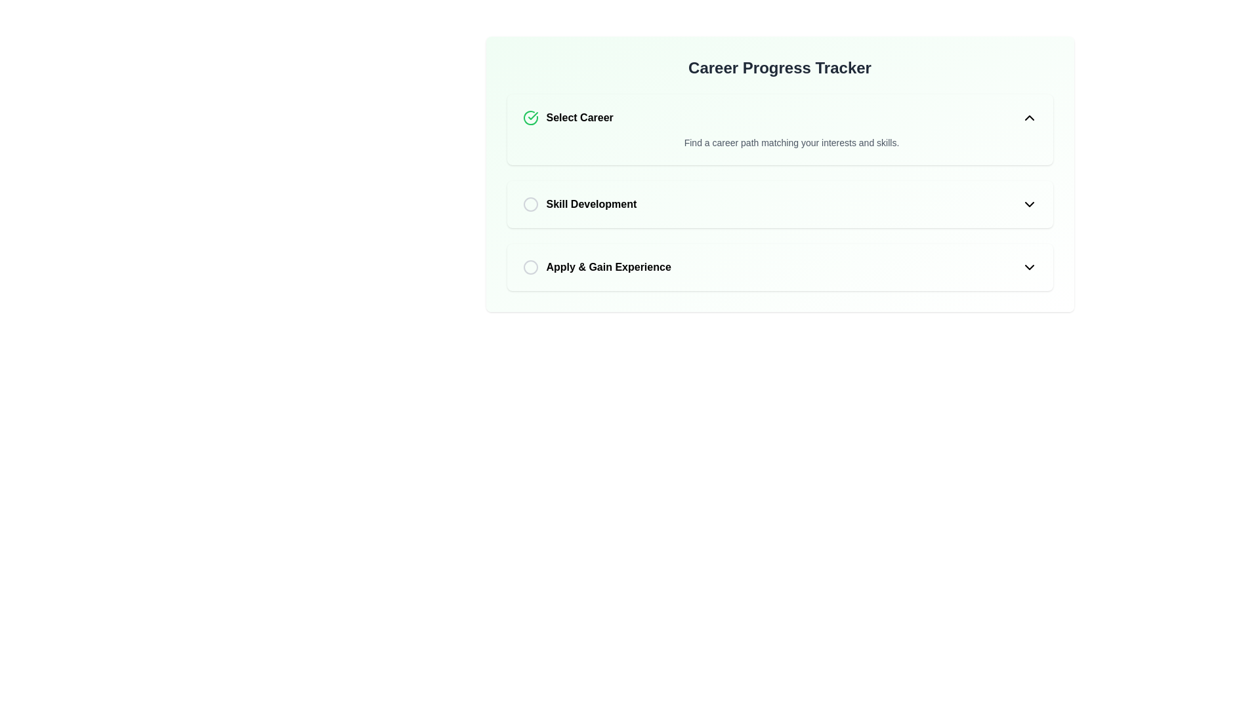 The width and height of the screenshot is (1260, 708). Describe the element at coordinates (1028, 205) in the screenshot. I see `the chevron-down icon located at the right edge of the 'Skill Development' section` at that location.